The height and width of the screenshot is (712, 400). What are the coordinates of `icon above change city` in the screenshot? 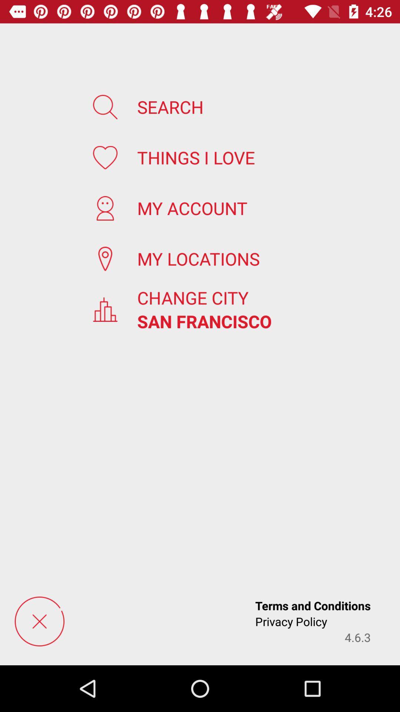 It's located at (198, 258).